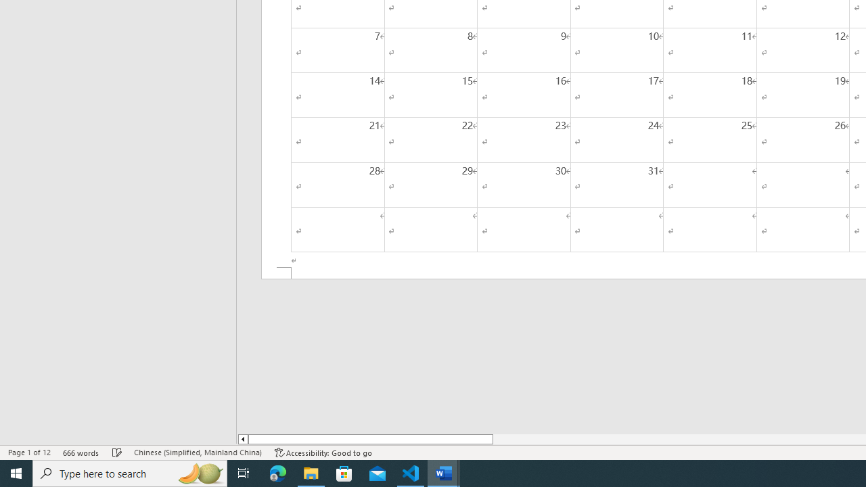 This screenshot has width=866, height=487. What do you see at coordinates (323, 453) in the screenshot?
I see `'Accessibility Checker Accessibility: Good to go'` at bounding box center [323, 453].